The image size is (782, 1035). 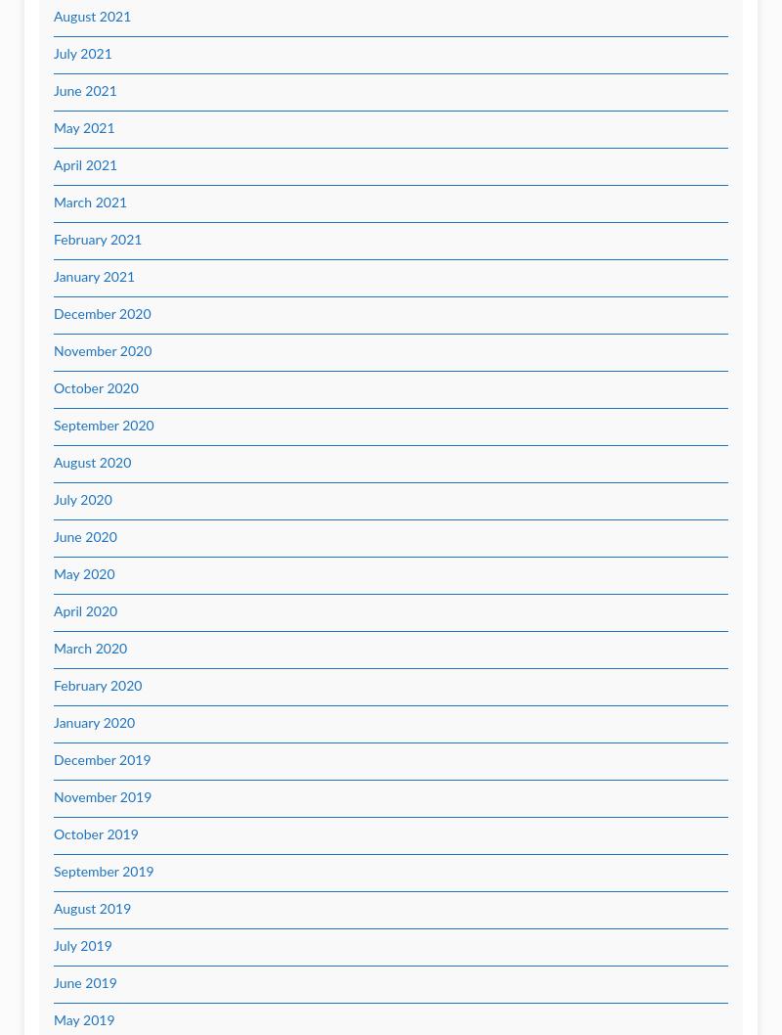 I want to click on 'February 2020', so click(x=98, y=685).